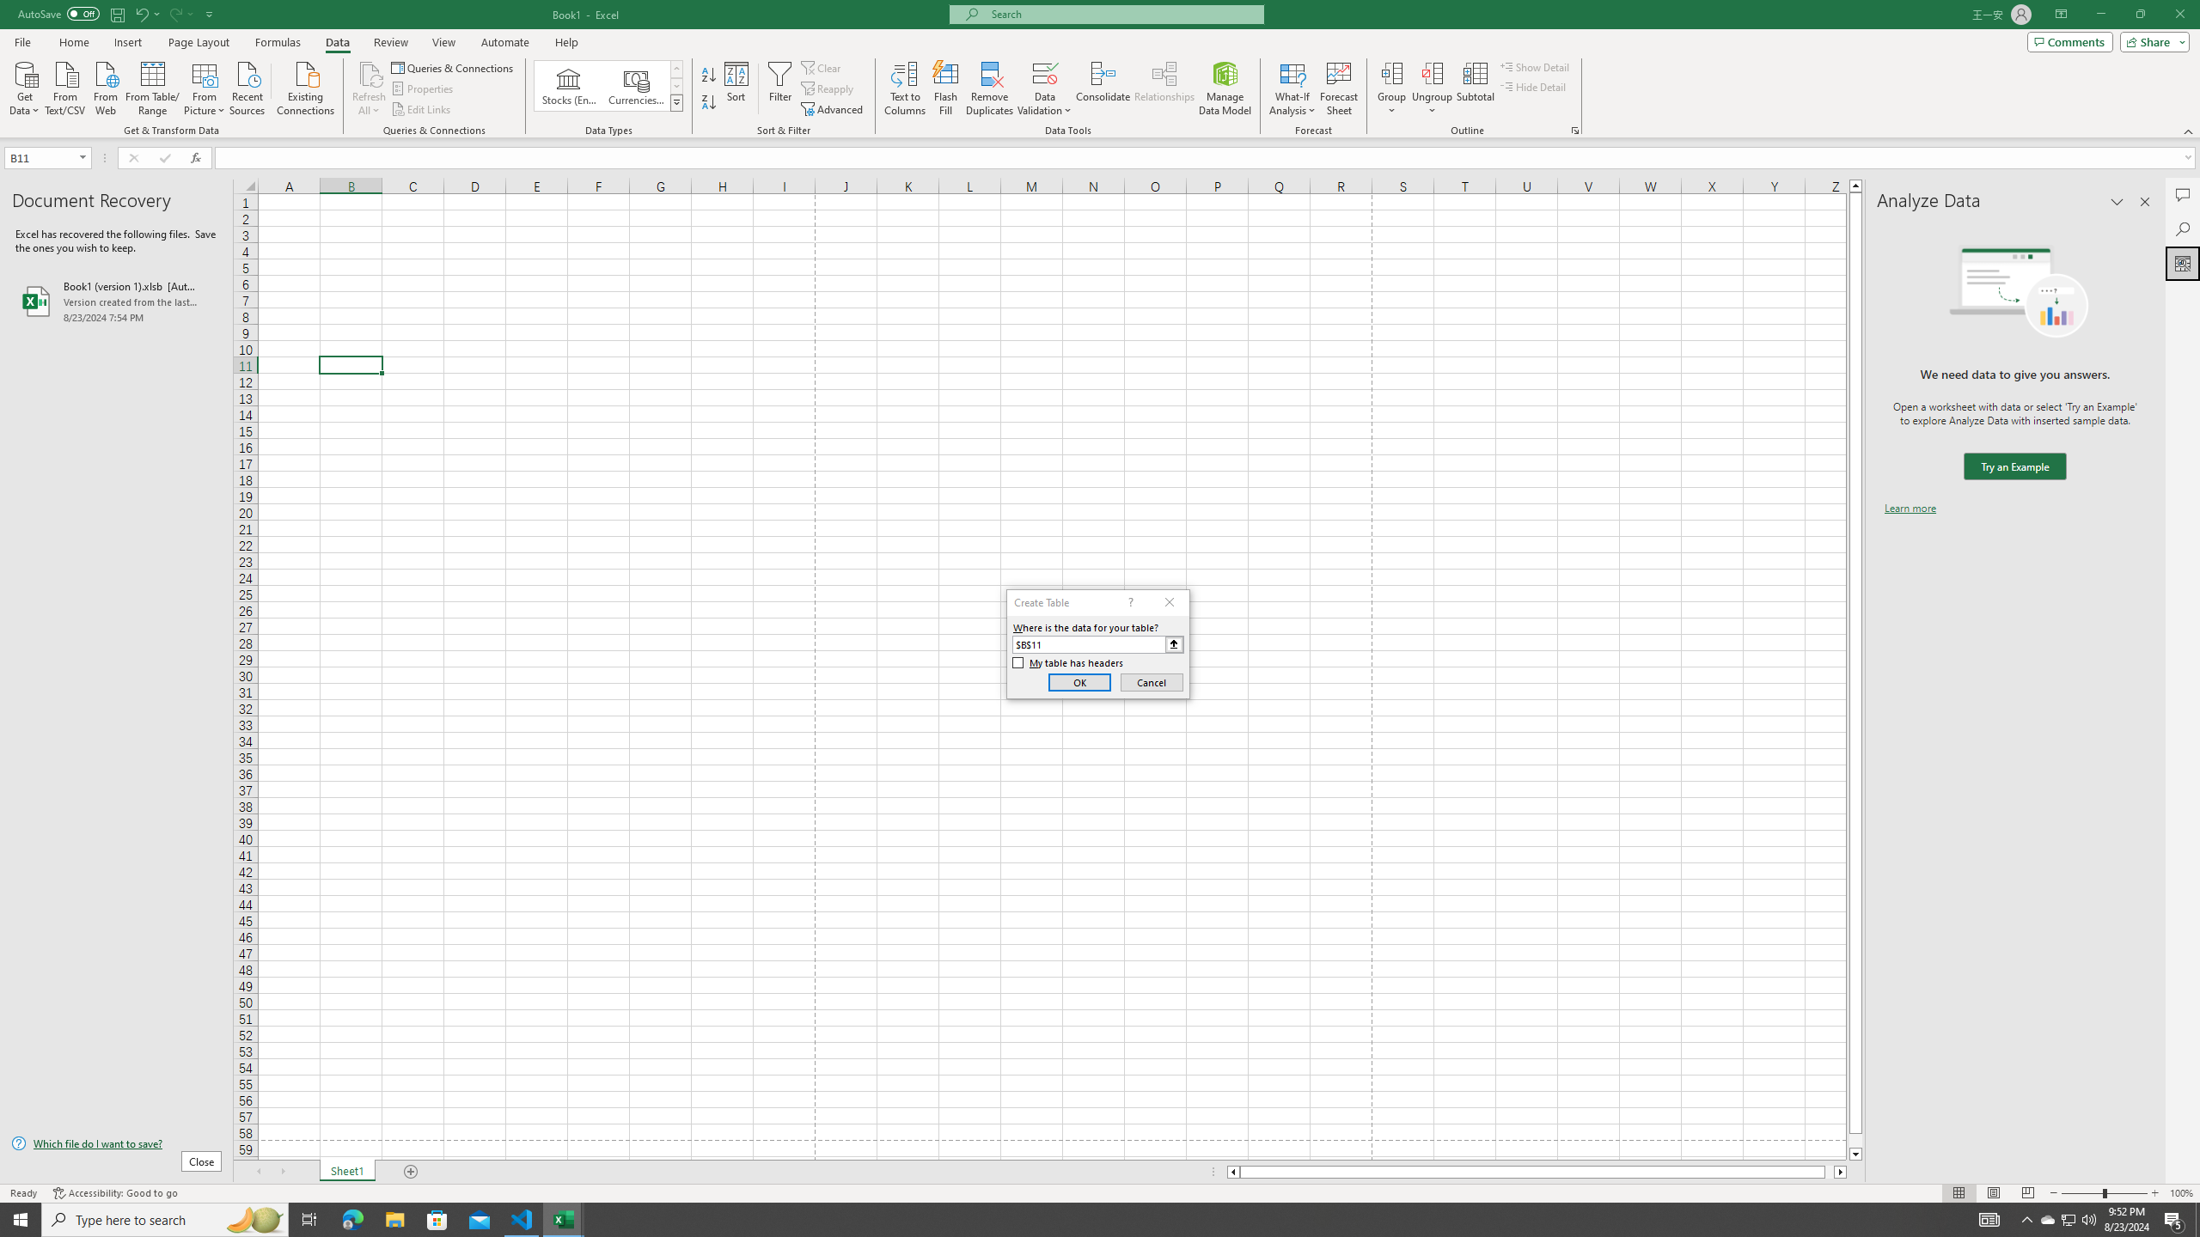 The image size is (2200, 1237). What do you see at coordinates (210, 13) in the screenshot?
I see `'Customize Quick Access Toolbar'` at bounding box center [210, 13].